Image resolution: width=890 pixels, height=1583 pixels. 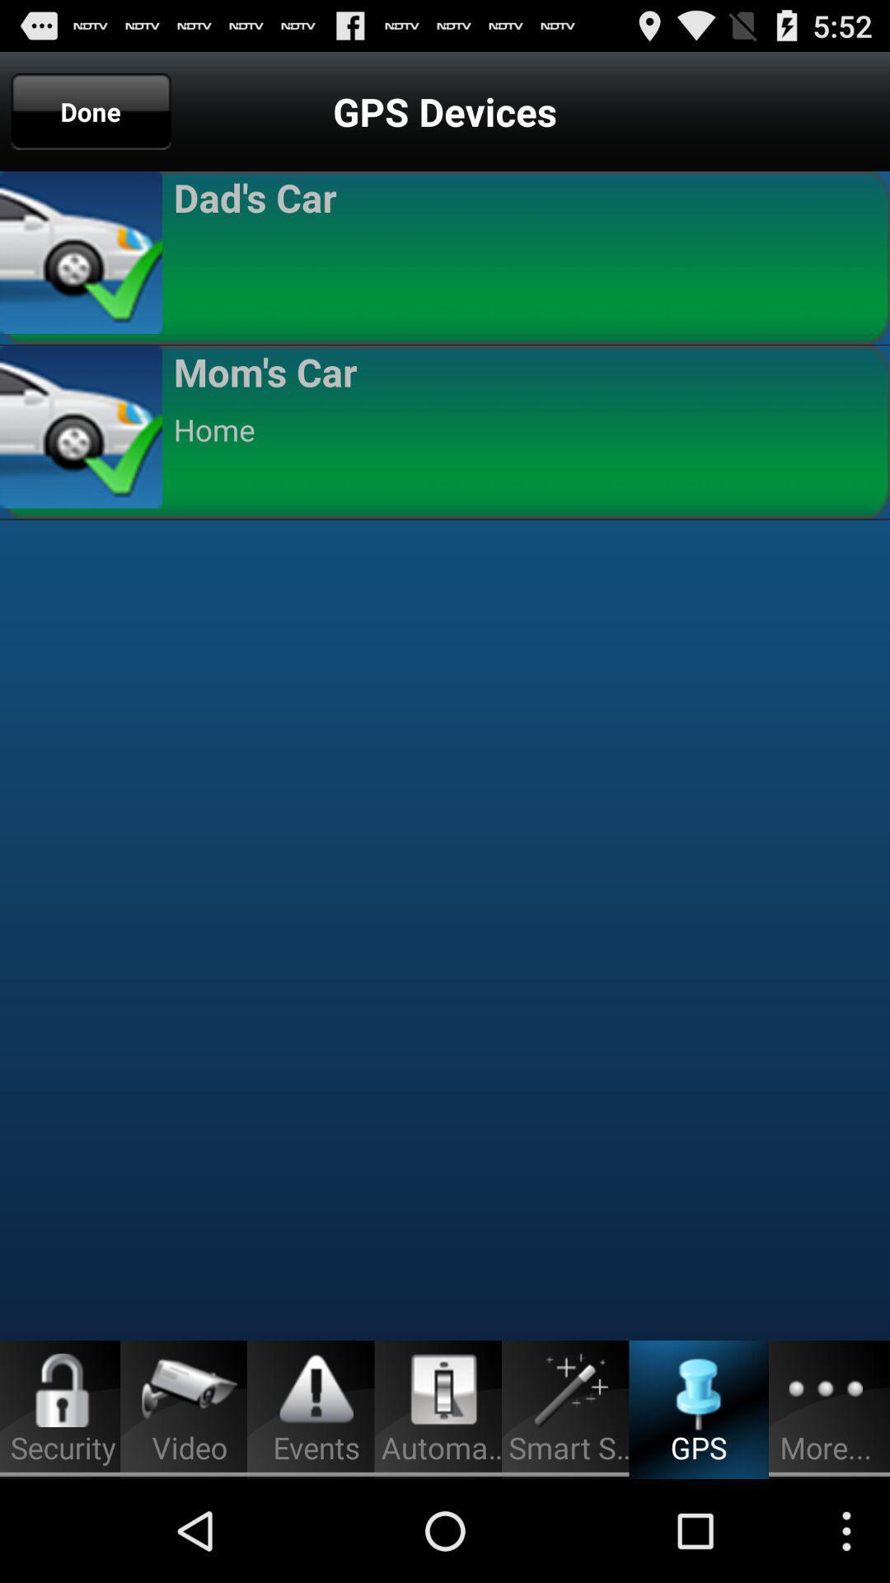 I want to click on the item above the mom's car icon, so click(x=524, y=254).